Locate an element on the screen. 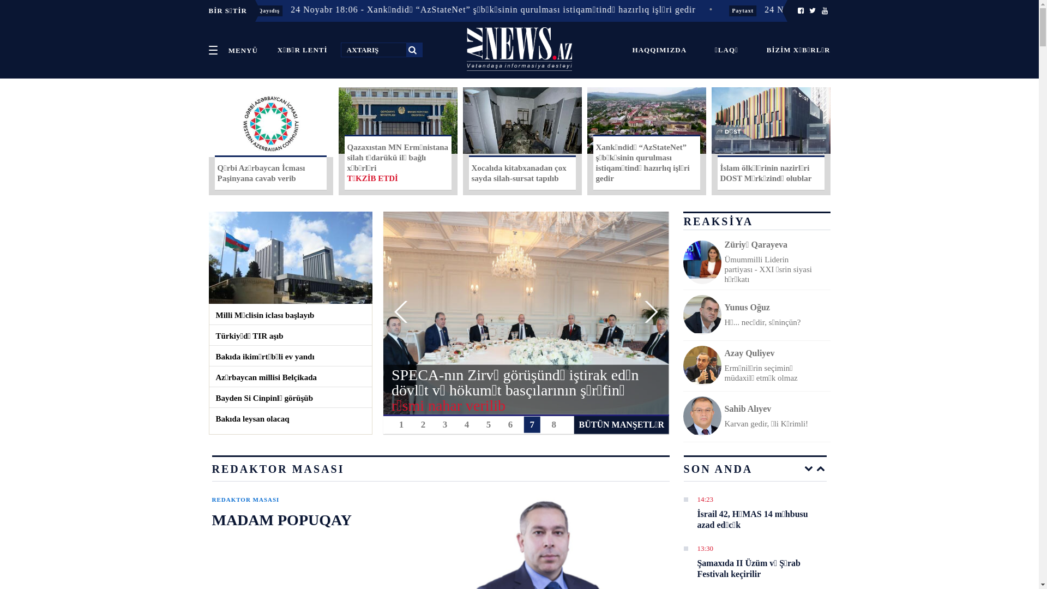  'REDAKTOR MASASI' is located at coordinates (245, 500).